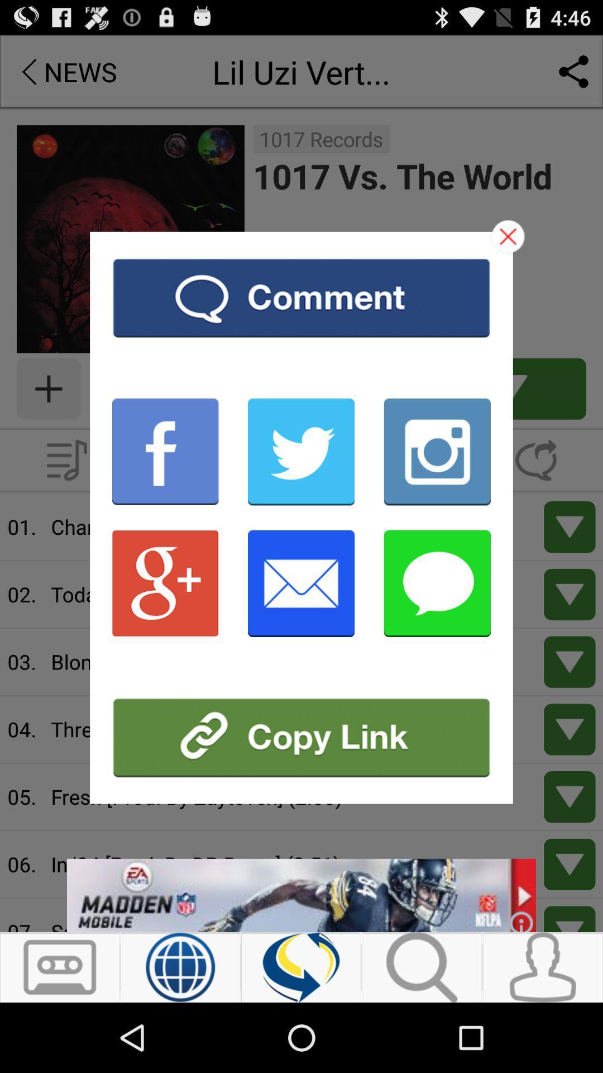 The image size is (603, 1073). I want to click on copy link, so click(301, 738).